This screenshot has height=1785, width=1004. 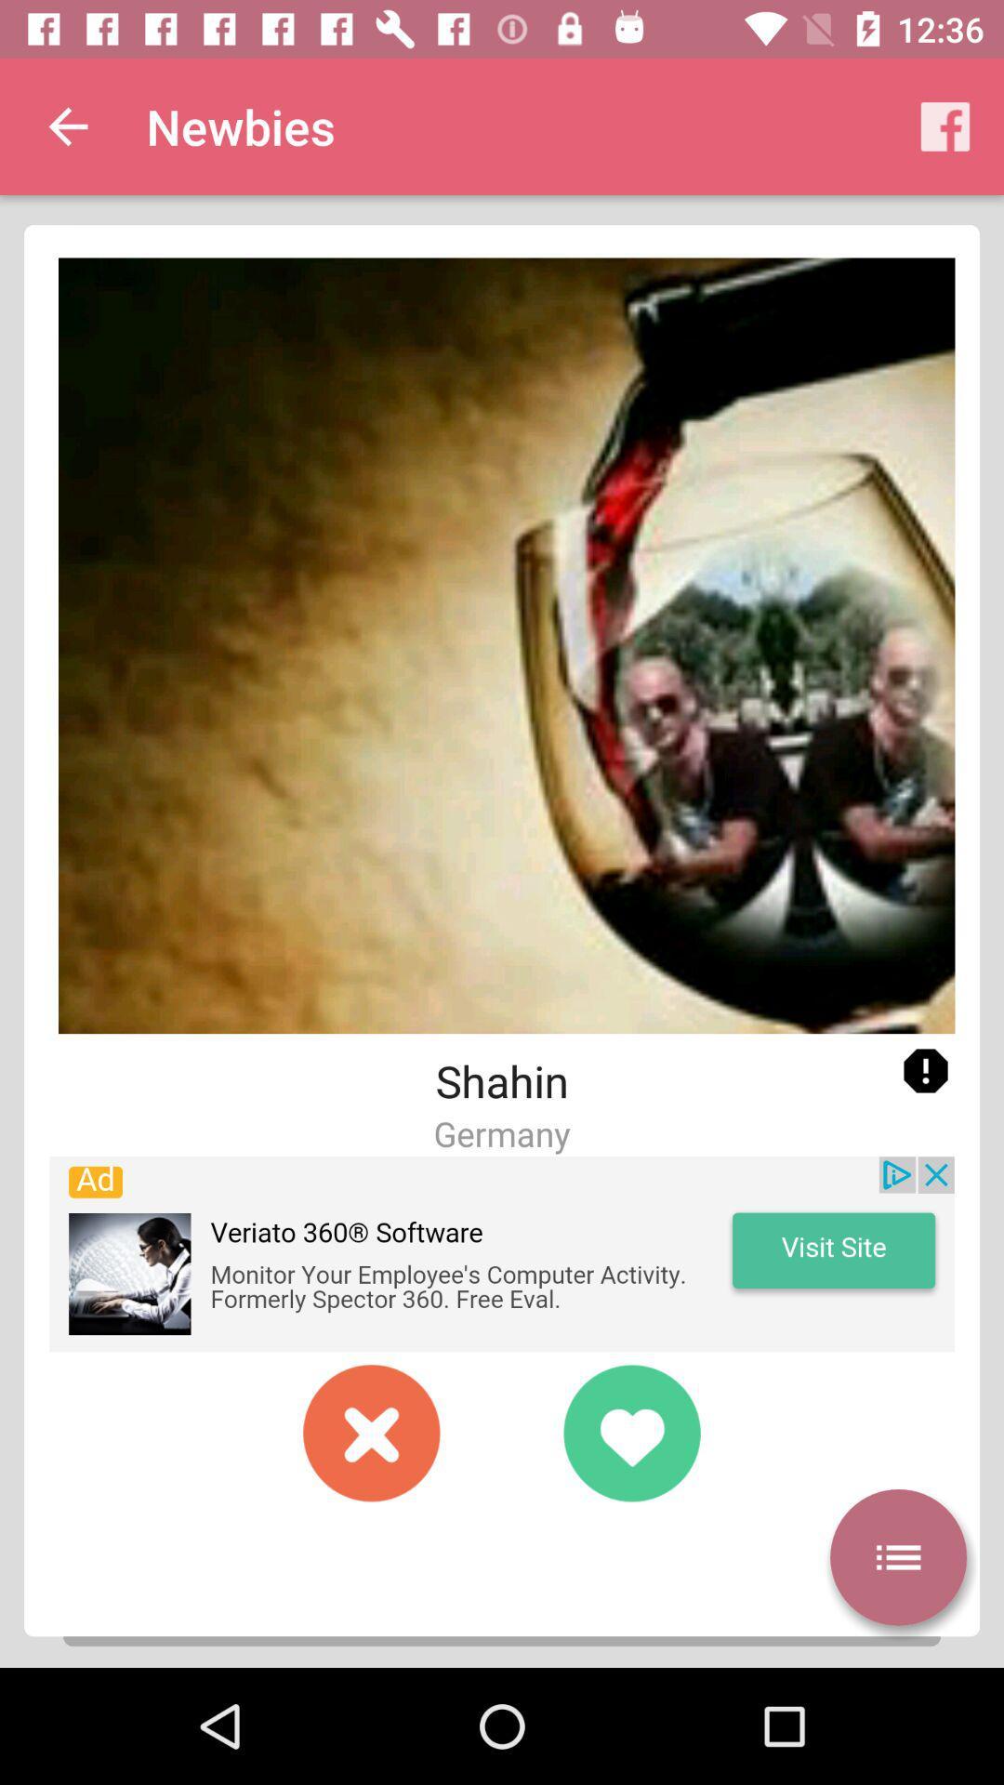 I want to click on not like image, so click(x=372, y=1432).